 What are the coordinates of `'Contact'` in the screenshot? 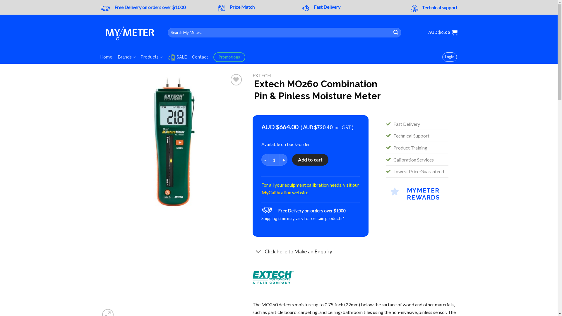 It's located at (200, 57).